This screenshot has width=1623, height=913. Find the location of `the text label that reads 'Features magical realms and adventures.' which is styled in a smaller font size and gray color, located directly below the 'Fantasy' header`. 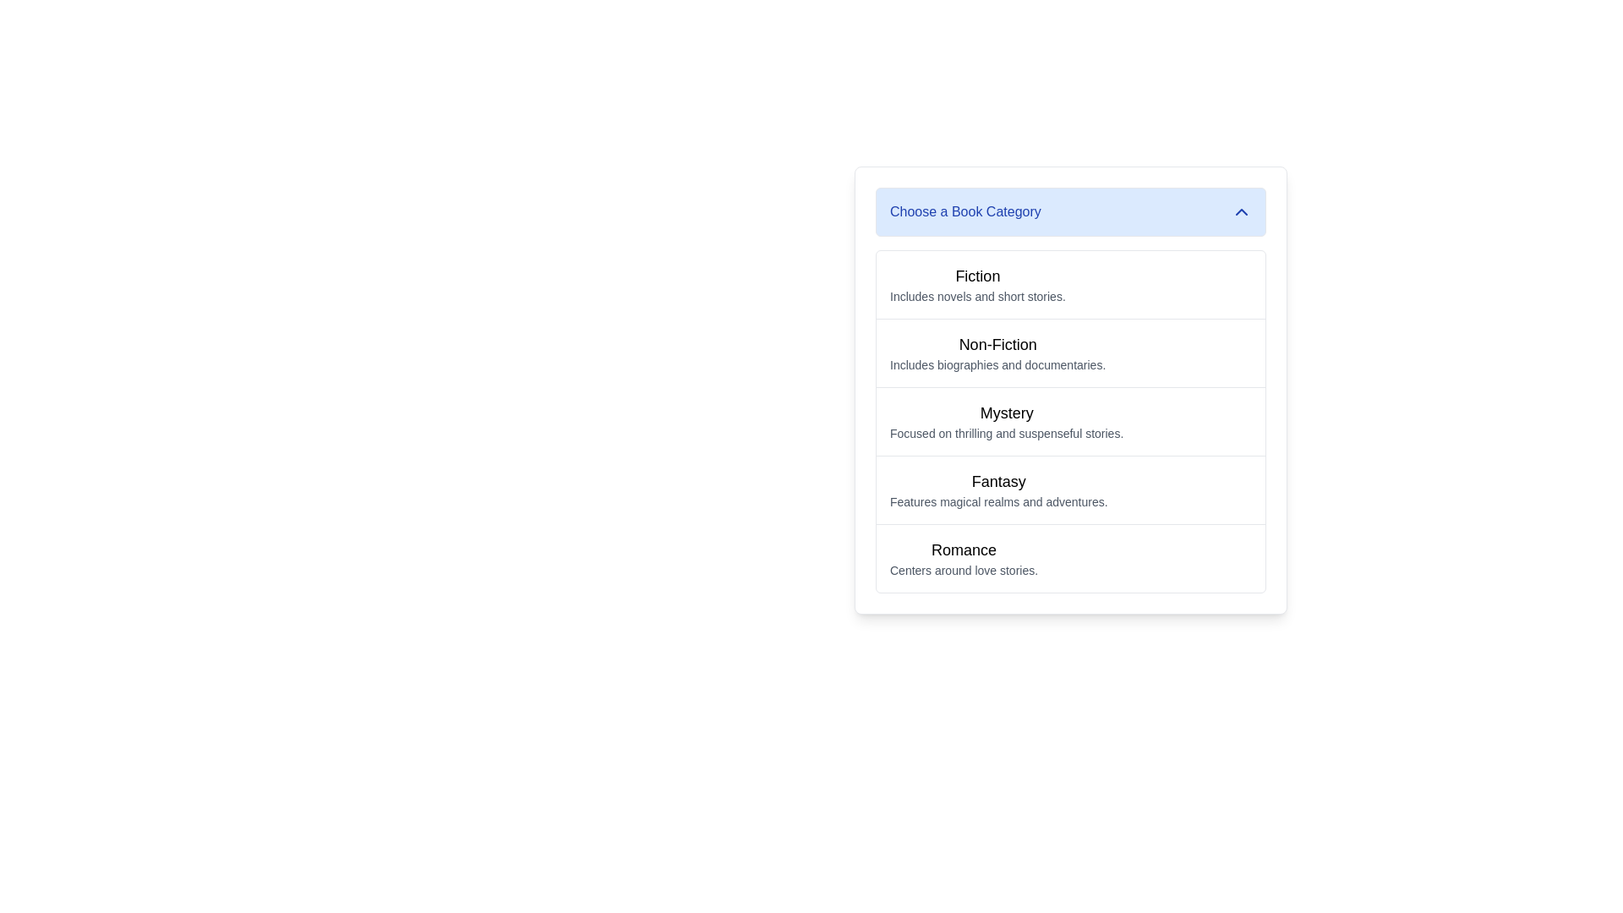

the text label that reads 'Features magical realms and adventures.' which is styled in a smaller font size and gray color, located directly below the 'Fantasy' header is located at coordinates (998, 501).